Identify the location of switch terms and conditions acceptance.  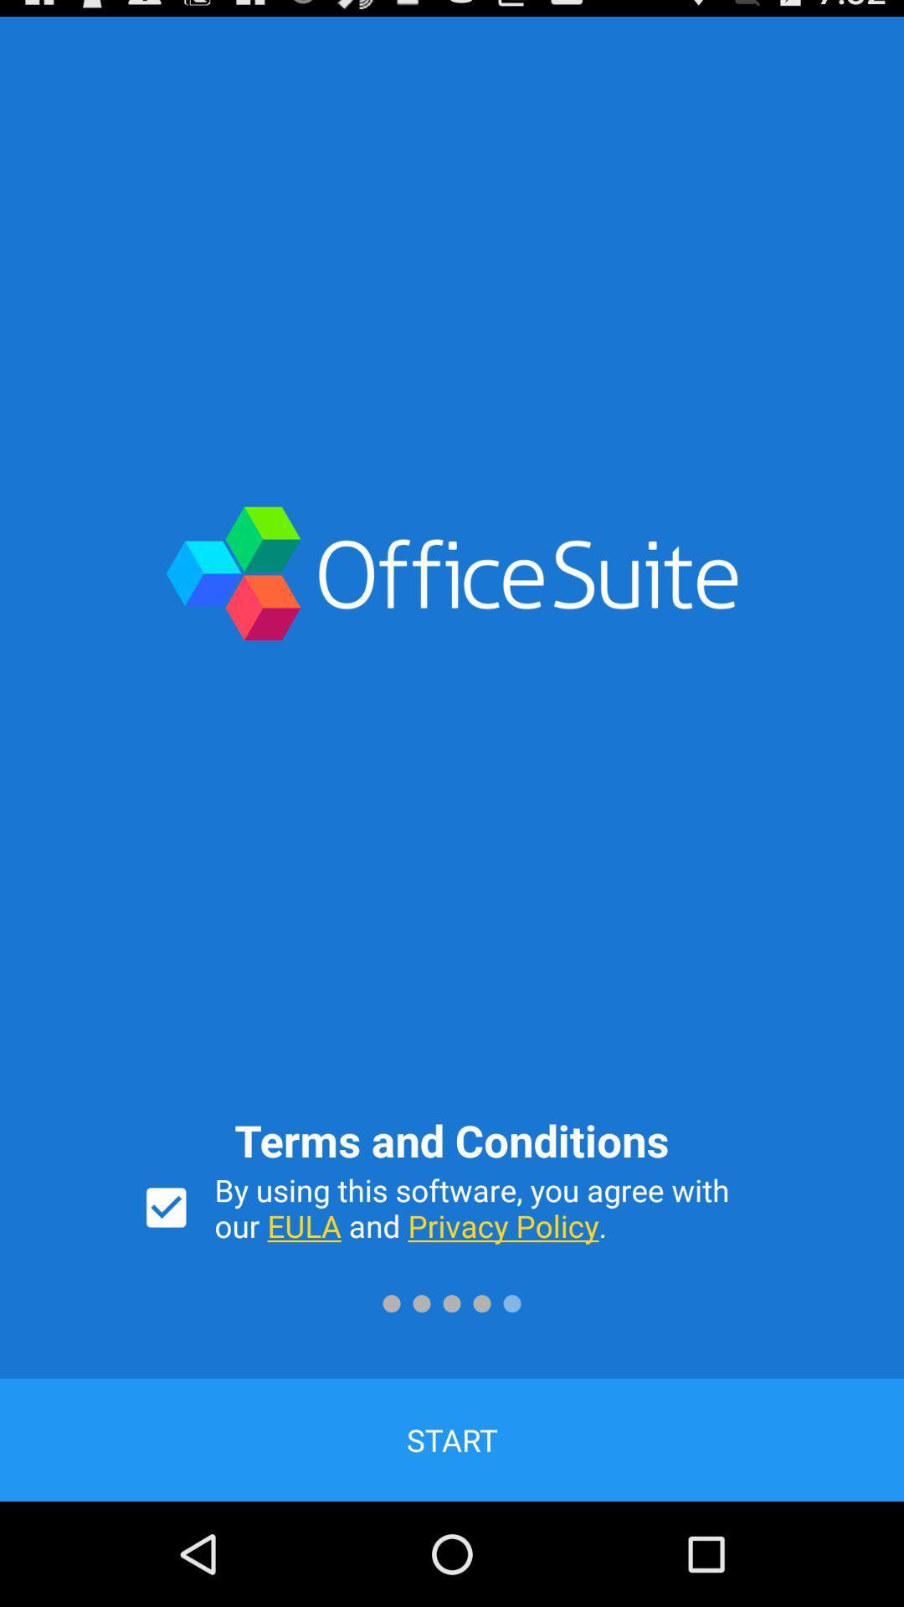
(166, 1208).